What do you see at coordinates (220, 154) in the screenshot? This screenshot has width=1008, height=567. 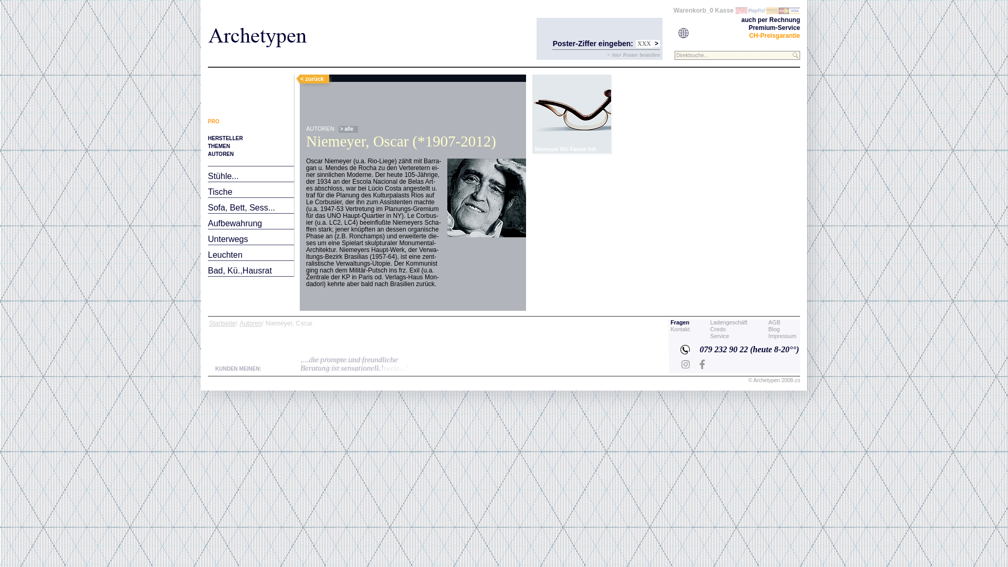 I see `'AUTOREN'` at bounding box center [220, 154].